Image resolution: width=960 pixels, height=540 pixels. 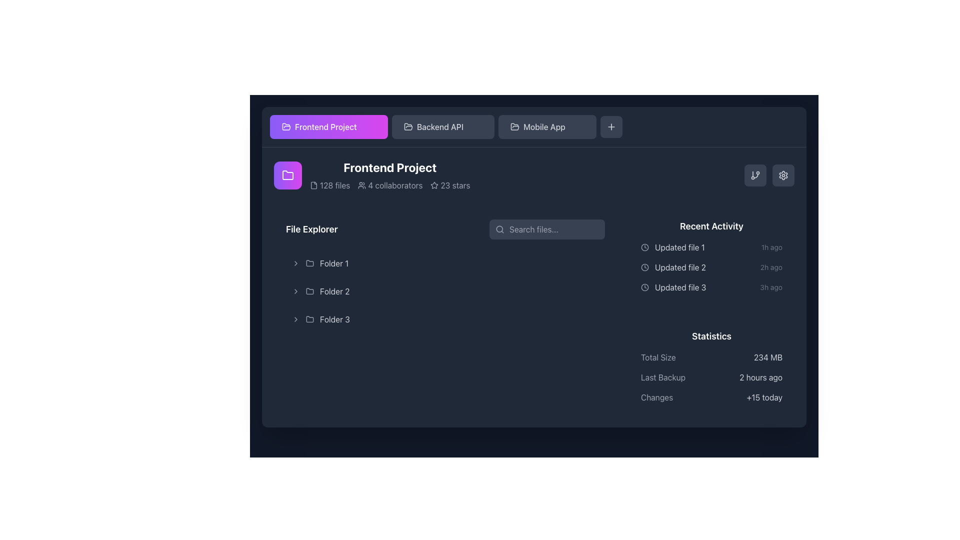 What do you see at coordinates (515, 126) in the screenshot?
I see `the 'Mobile App' icon located on the leftmost side of the 'Mobile App' component` at bounding box center [515, 126].